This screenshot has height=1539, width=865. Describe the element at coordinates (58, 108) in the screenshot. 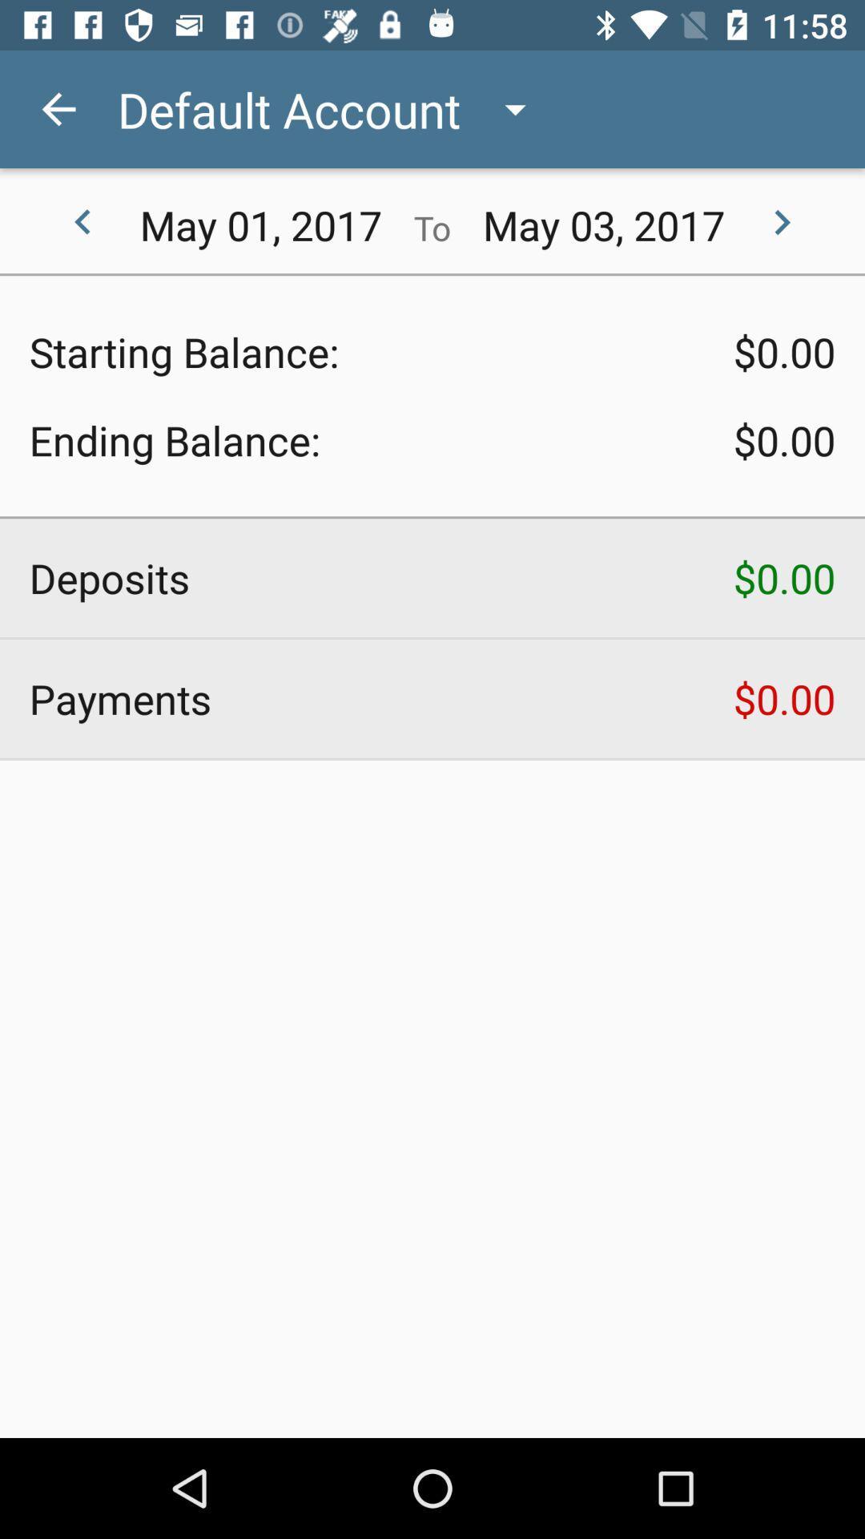

I see `item to the left of default account` at that location.